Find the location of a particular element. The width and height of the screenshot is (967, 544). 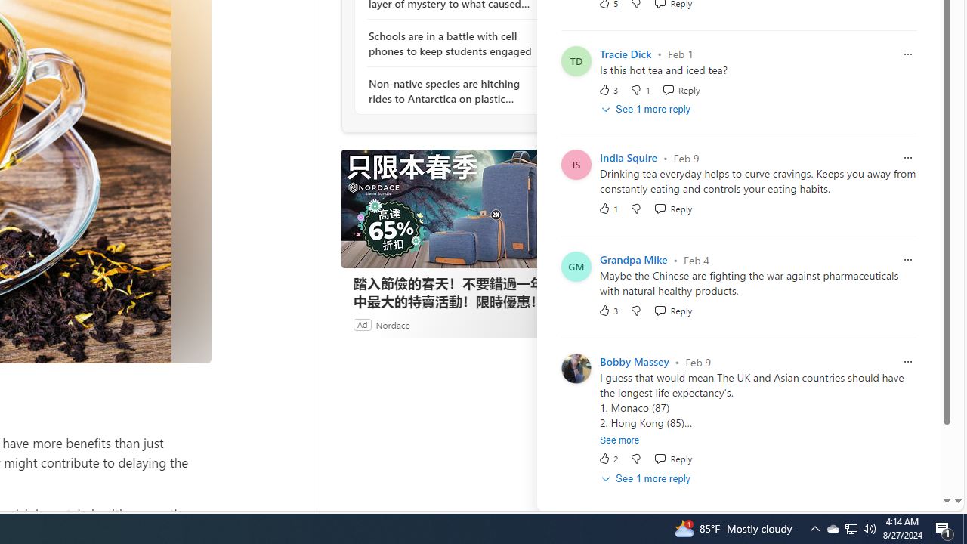

'Ad Choice' is located at coordinates (550, 323).